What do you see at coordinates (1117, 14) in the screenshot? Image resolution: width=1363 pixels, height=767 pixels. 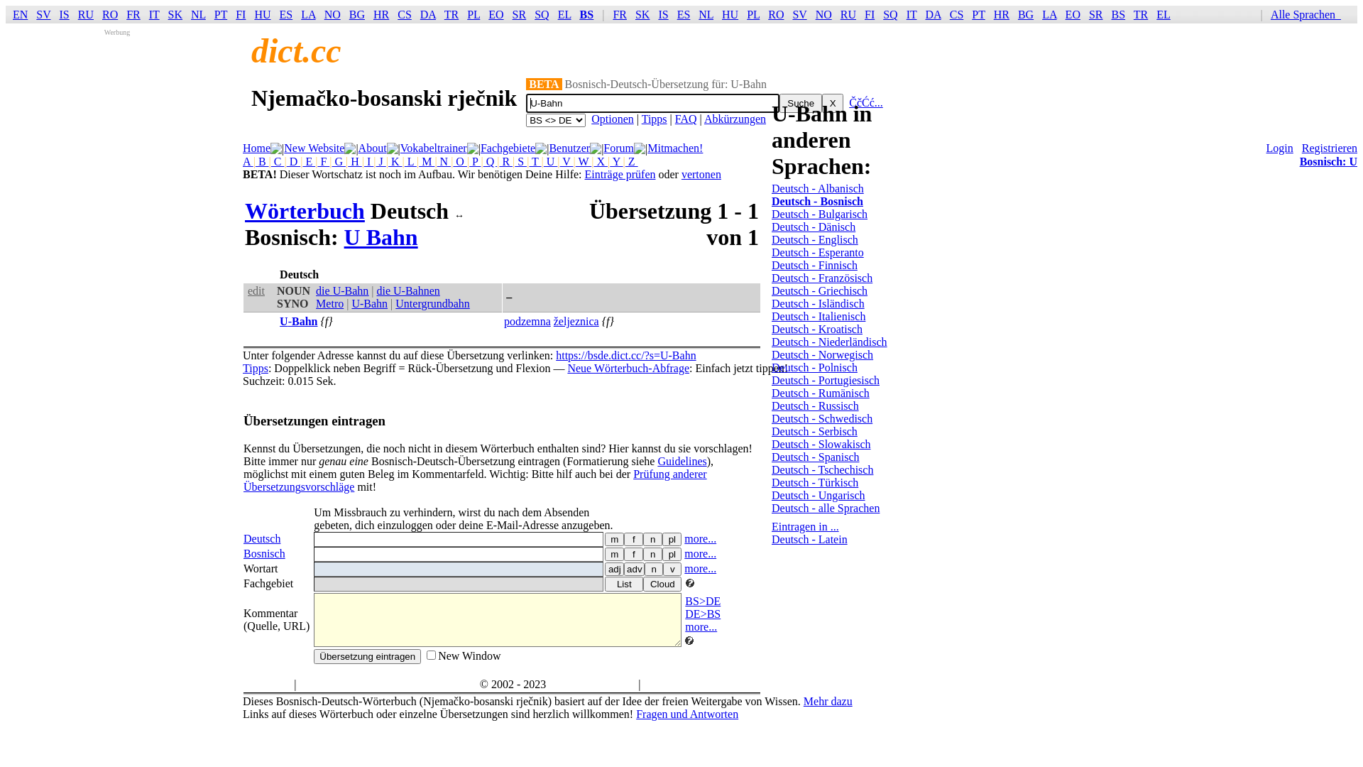 I see `'BS'` at bounding box center [1117, 14].